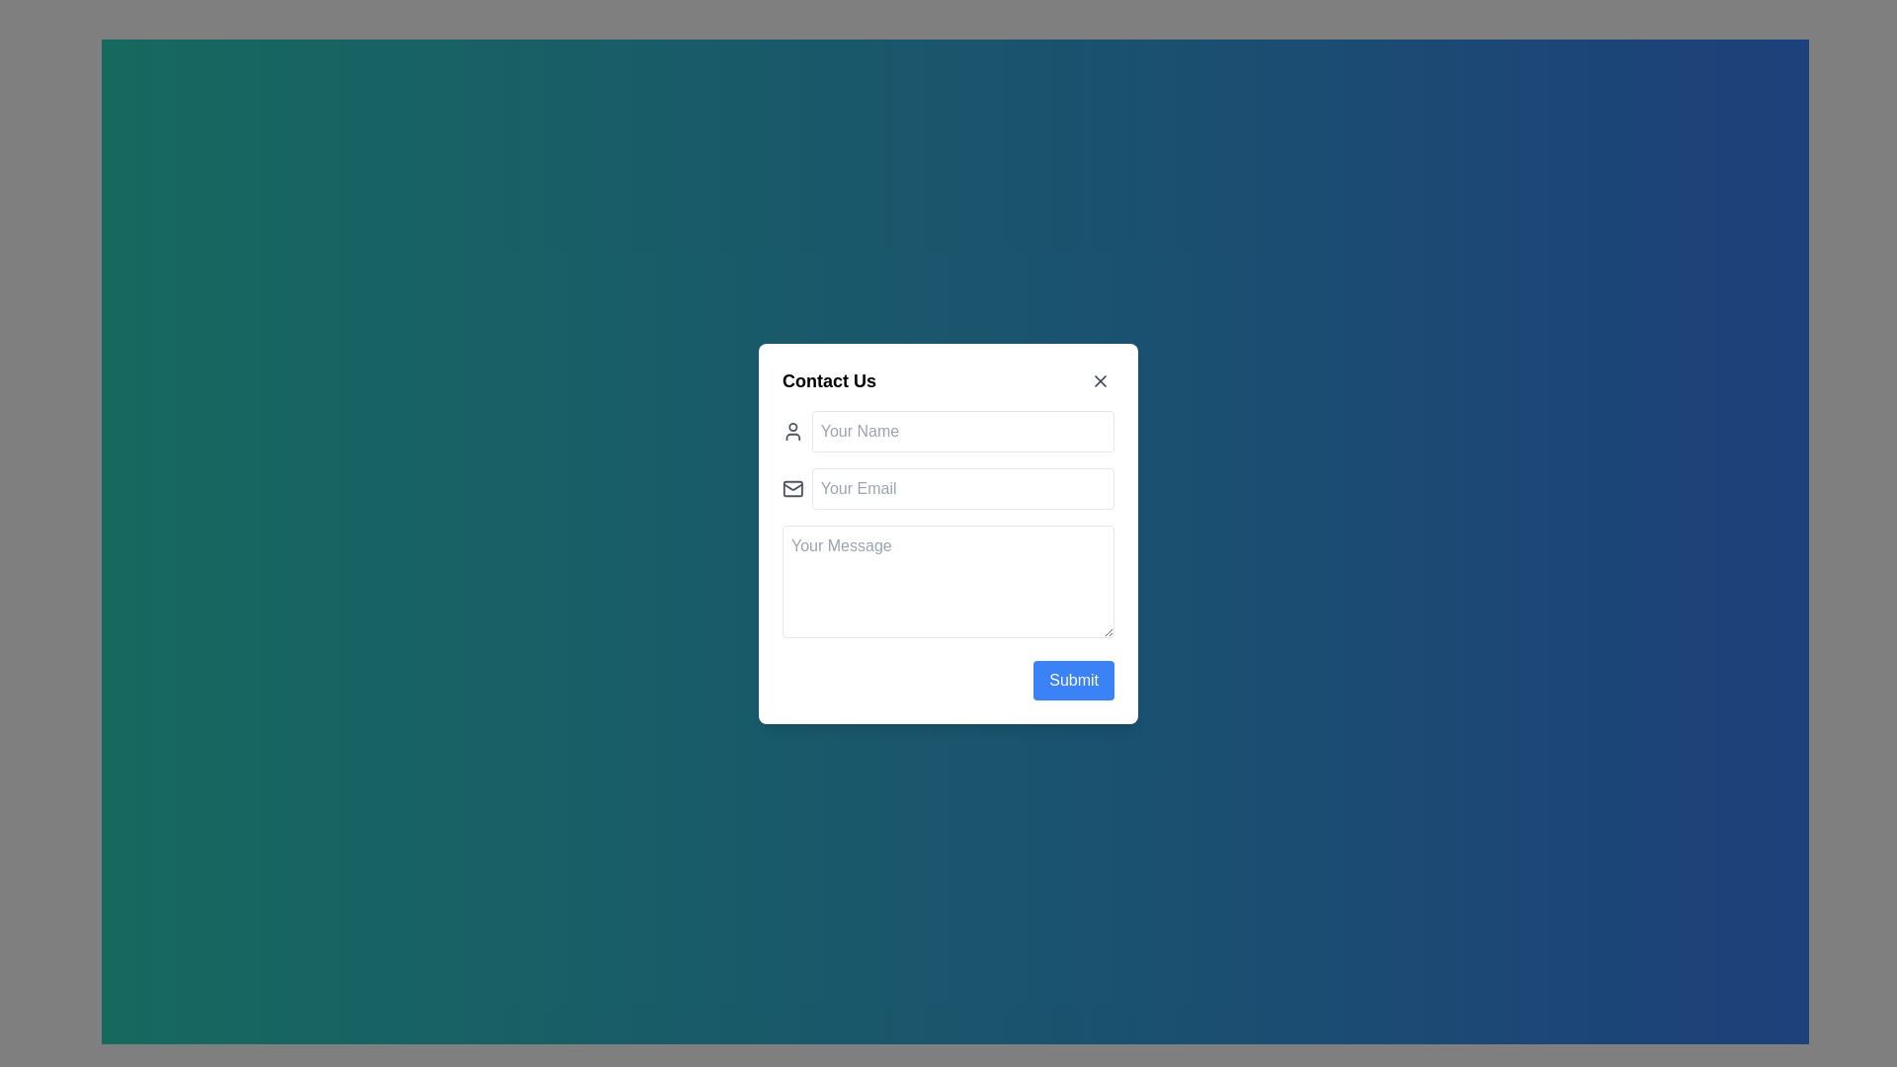  I want to click on the title text label at the top-left of the modal dialog, which serves as a header for the content within, so click(829, 380).